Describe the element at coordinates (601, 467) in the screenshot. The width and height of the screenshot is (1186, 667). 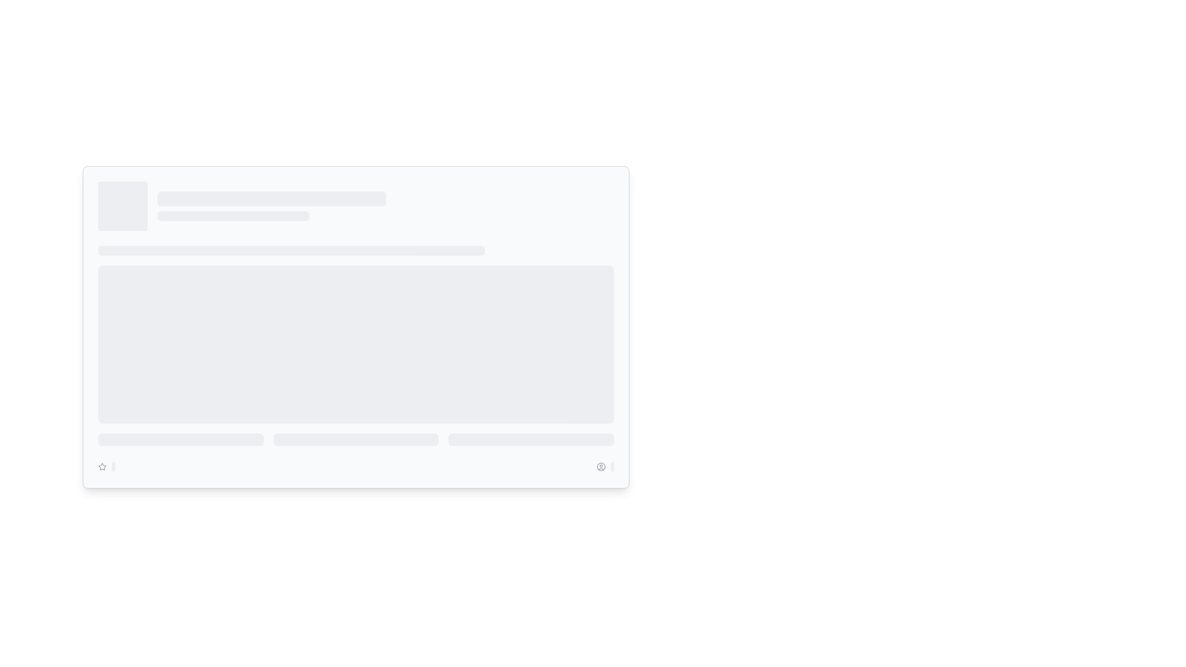
I see `the innermost decorative graphical circle located in the bottom-right corner of the interface, which is part of a user profile SVG icon` at that location.